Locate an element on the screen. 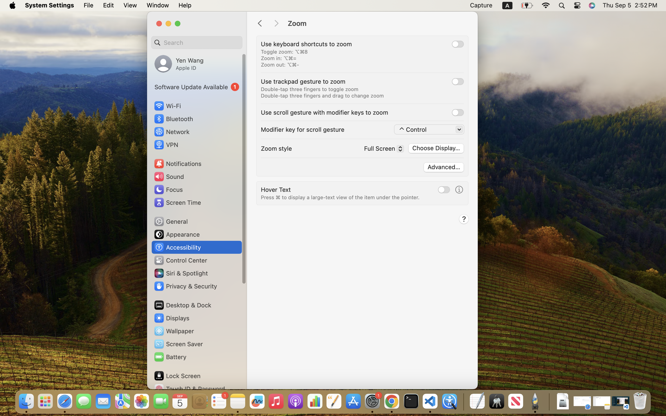 The width and height of the screenshot is (666, 416). 'Hover Text' is located at coordinates (276, 189).